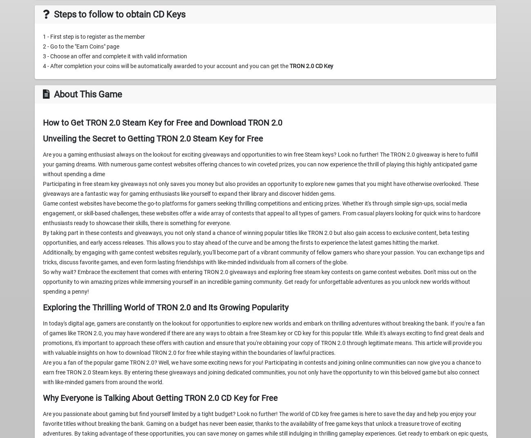 This screenshot has width=531, height=438. Describe the element at coordinates (43, 188) in the screenshot. I see `'Participating in free steam key giveaways not only saves you money but also provides an opportunity to explore new games that you might have otherwise overlooked. These giveaways are a fantastic way for gaming enthusiasts like yourself to expand their library and discover hidden gems.'` at that location.